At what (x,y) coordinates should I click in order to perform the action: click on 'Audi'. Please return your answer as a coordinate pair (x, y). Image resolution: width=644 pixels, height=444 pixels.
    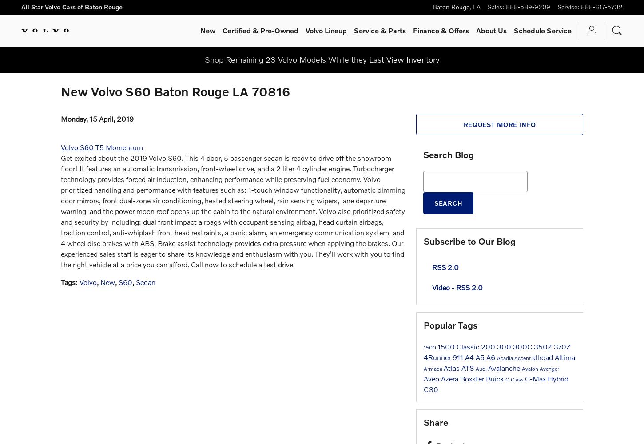
    Looking at the image, I should click on (482, 368).